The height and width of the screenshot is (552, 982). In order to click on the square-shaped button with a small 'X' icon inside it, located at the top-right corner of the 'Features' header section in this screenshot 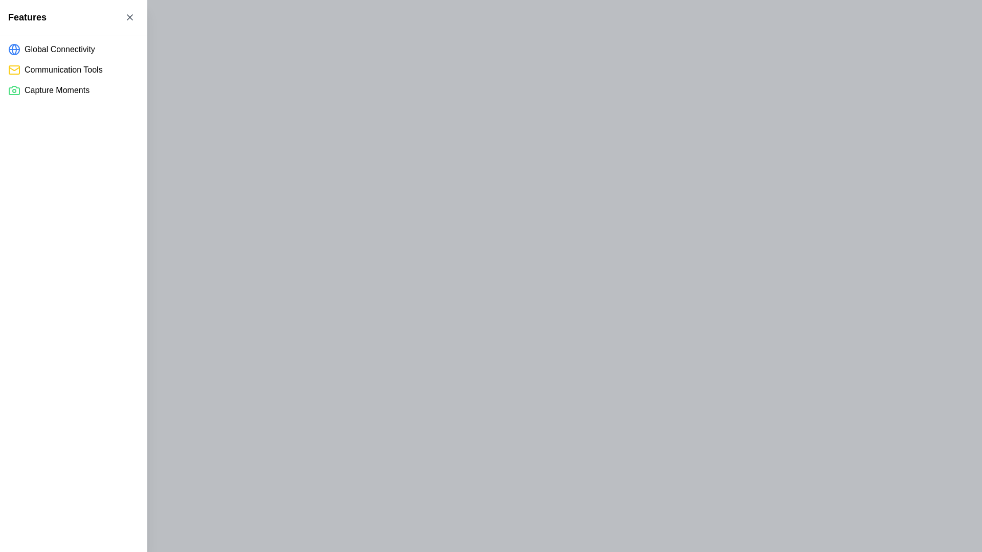, I will do `click(129, 17)`.